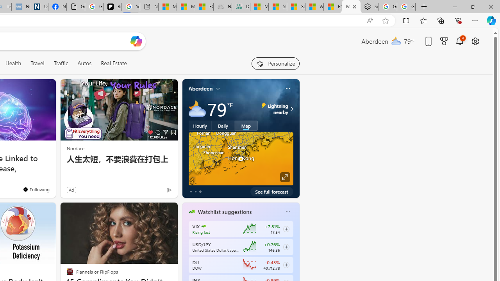 This screenshot has height=281, width=500. Describe the element at coordinates (197, 109) in the screenshot. I see `'Mostly cloudy'` at that location.